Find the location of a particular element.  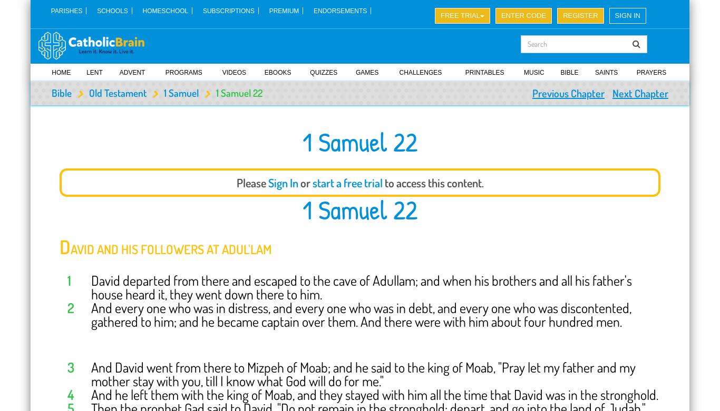

'Bible' is located at coordinates (61, 92).